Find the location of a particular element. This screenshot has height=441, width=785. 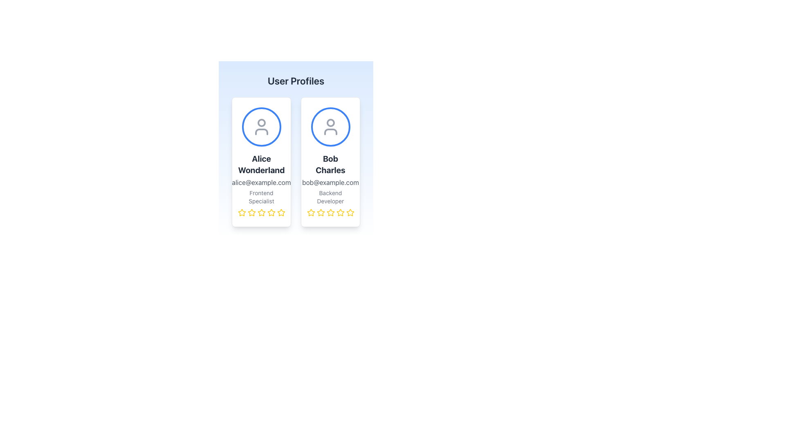

the fourth star icon in the rating system under Alice Wonderland's profile is located at coordinates (261, 212).